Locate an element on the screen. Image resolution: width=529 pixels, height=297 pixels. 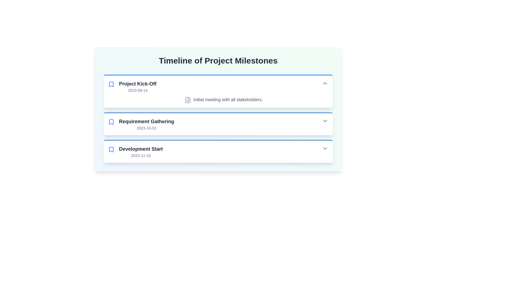
title, date, and description of the 'Project Kick-Off' milestone located in the topmost item of the vertical timeline of project milestones is located at coordinates (218, 91).